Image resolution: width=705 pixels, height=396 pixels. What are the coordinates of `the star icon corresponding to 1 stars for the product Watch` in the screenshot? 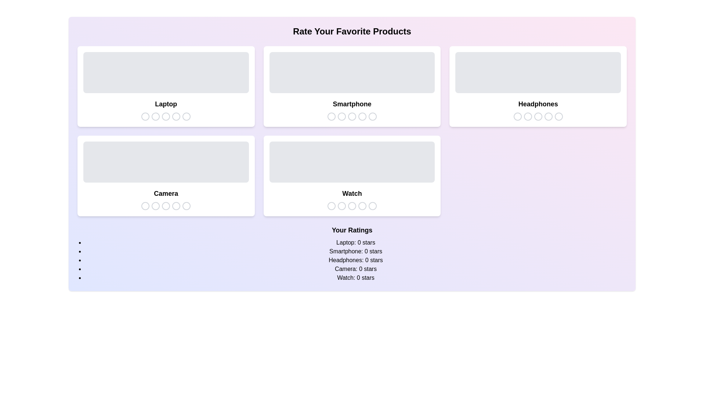 It's located at (331, 206).